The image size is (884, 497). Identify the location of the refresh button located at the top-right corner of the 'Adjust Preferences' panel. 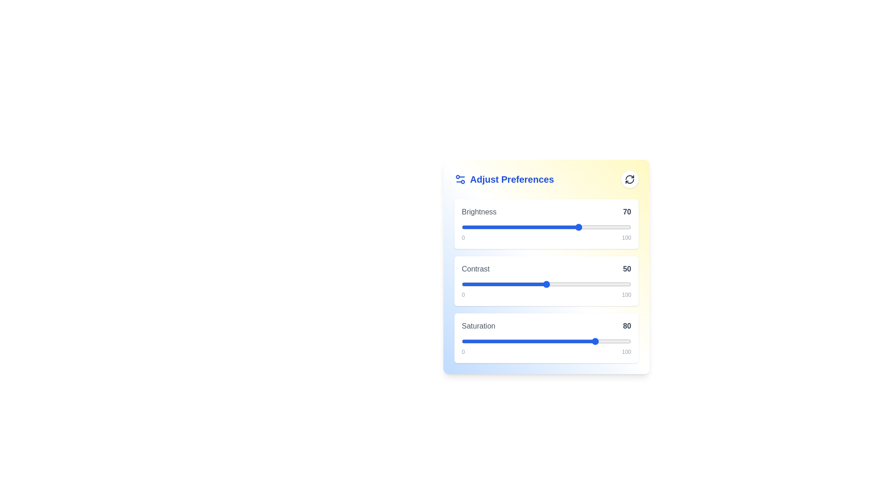
(629, 179).